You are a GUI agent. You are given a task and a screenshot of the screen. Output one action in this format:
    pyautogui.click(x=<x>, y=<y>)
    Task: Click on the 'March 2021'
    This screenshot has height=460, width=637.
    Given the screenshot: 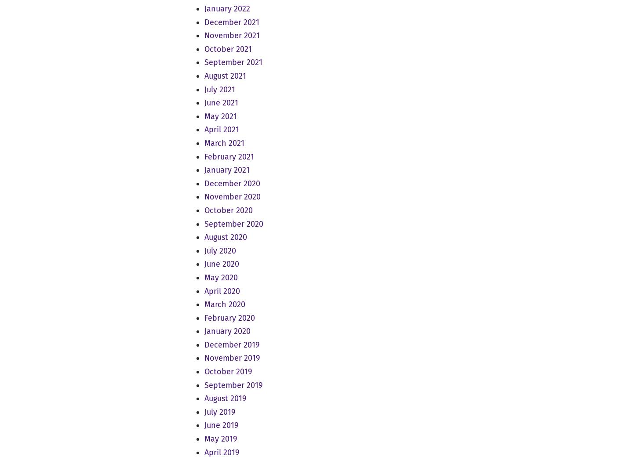 What is the action you would take?
    pyautogui.click(x=224, y=142)
    